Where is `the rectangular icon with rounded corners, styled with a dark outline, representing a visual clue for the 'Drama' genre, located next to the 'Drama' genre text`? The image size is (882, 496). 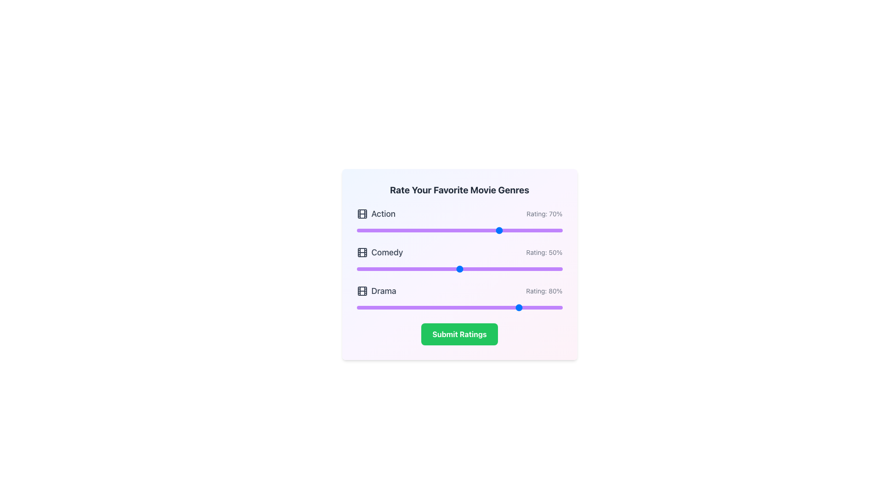
the rectangular icon with rounded corners, styled with a dark outline, representing a visual clue for the 'Drama' genre, located next to the 'Drama' genre text is located at coordinates (362, 291).